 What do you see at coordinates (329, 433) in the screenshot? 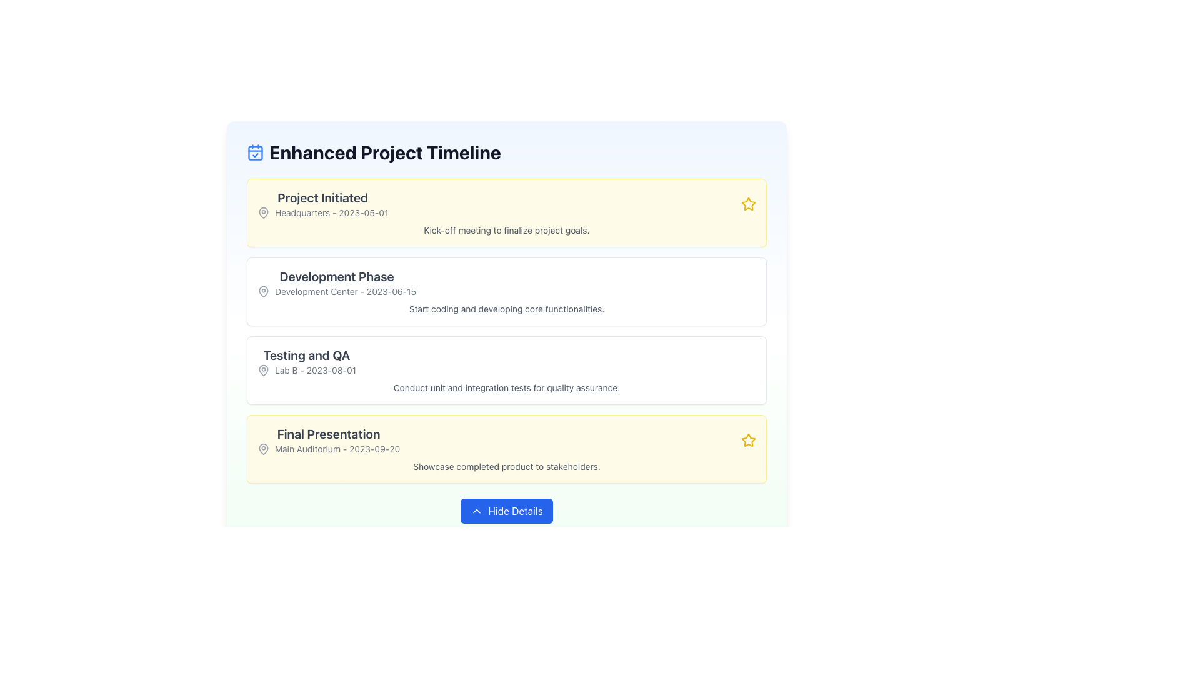
I see `the text label displaying 'Final Presentation' which is prominently styled in gray on a yellow background, positioned above the secondary text 'Main Auditorium - 2023-09-20'` at bounding box center [329, 433].